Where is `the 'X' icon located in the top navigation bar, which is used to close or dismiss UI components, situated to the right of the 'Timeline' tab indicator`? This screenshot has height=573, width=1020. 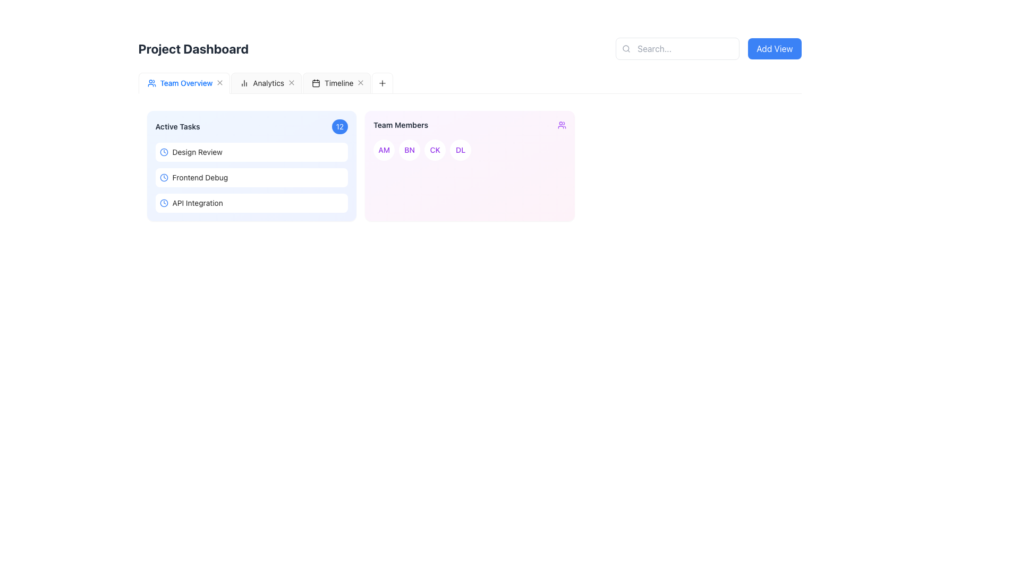 the 'X' icon located in the top navigation bar, which is used to close or dismiss UI components, situated to the right of the 'Timeline' tab indicator is located at coordinates (361, 82).